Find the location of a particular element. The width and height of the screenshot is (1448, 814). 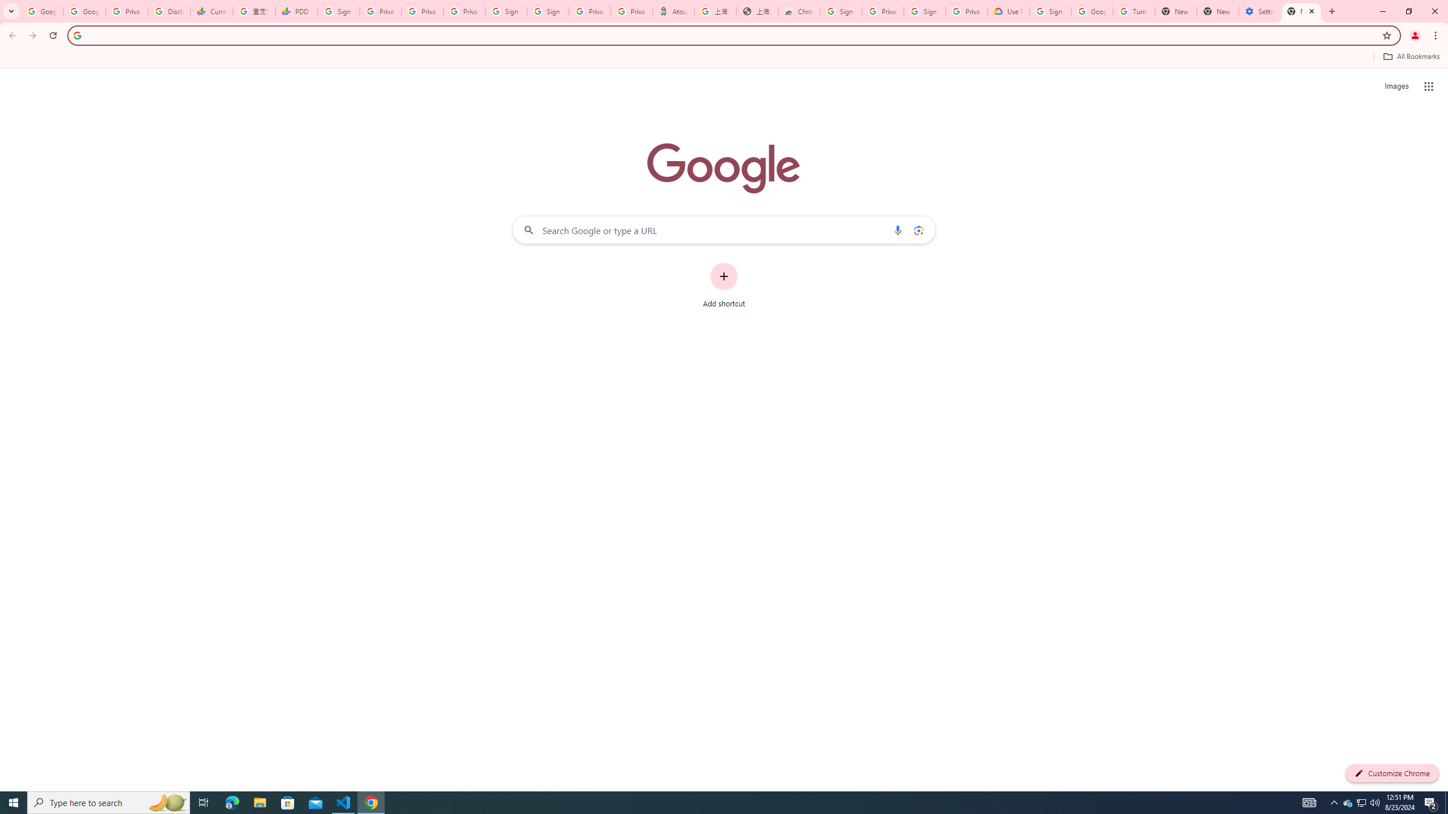

'Sign in - Google Accounts' is located at coordinates (507, 11).